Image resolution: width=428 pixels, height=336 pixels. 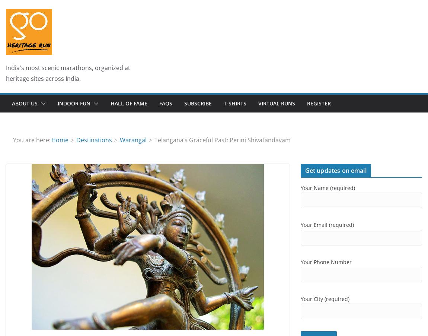 What do you see at coordinates (234, 103) in the screenshot?
I see `'T-shirts'` at bounding box center [234, 103].